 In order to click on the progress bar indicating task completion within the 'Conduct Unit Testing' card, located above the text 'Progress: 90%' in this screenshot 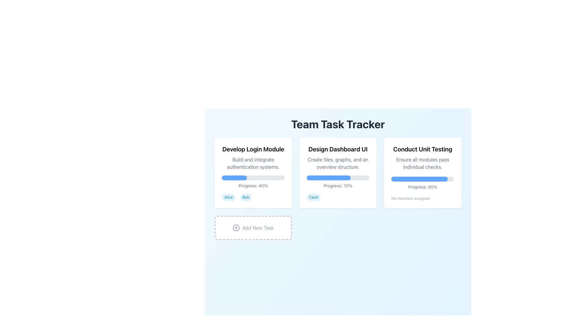, I will do `click(422, 179)`.